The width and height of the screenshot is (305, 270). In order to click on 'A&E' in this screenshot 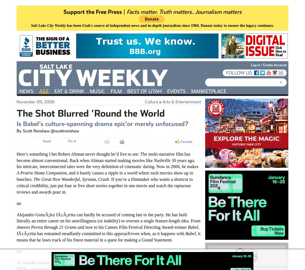, I will do `click(44, 91)`.